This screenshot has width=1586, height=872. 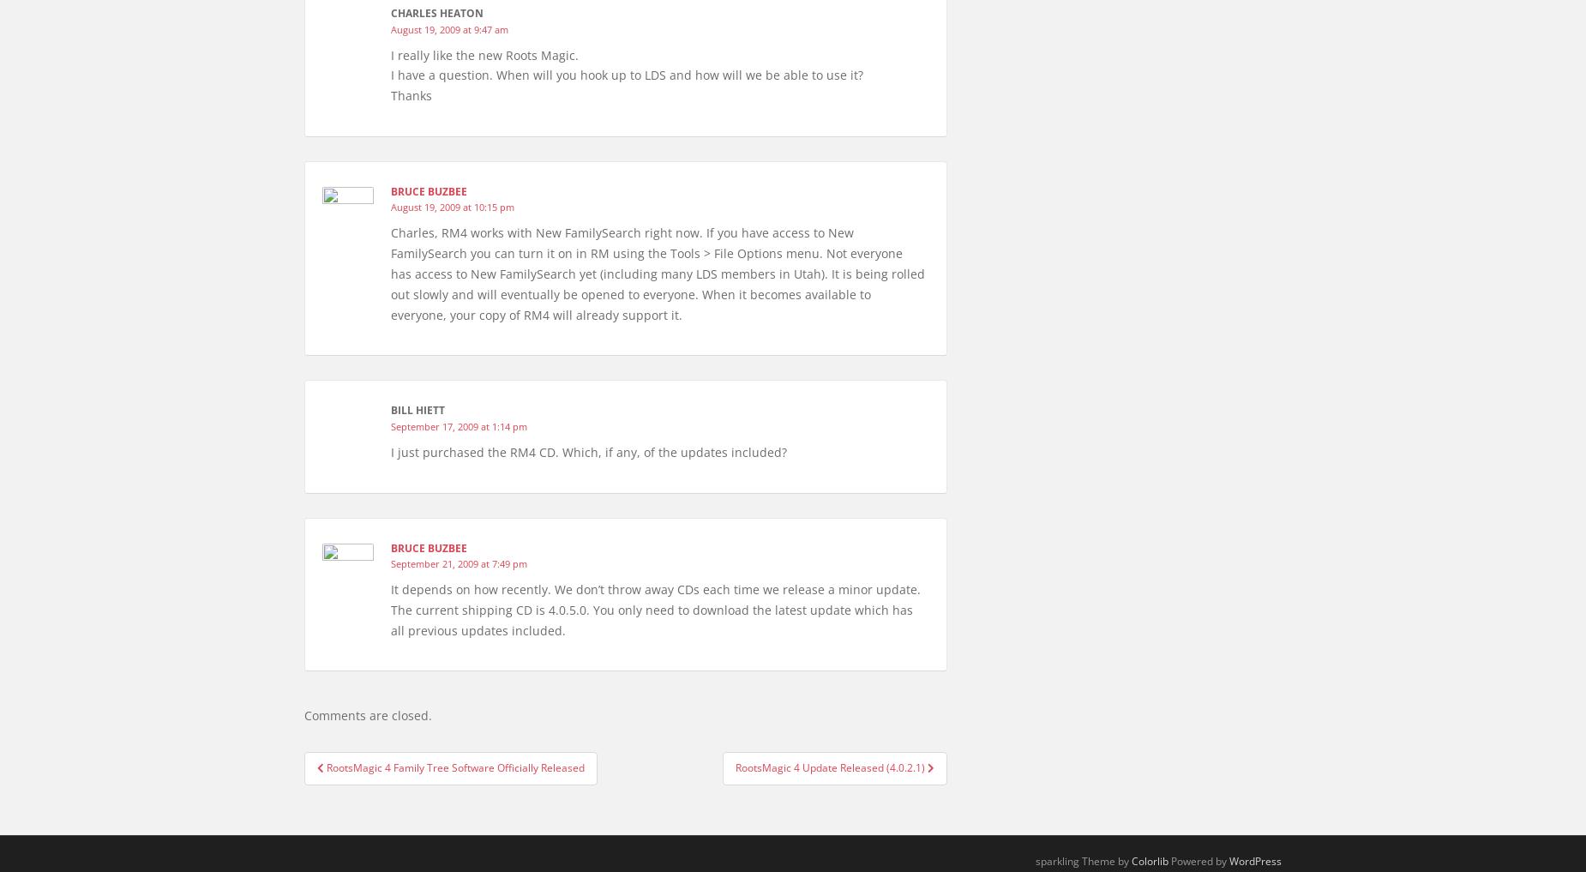 I want to click on 'I just purchased the RM4 CD.  Which, if any, of the updates included?', so click(x=390, y=451).